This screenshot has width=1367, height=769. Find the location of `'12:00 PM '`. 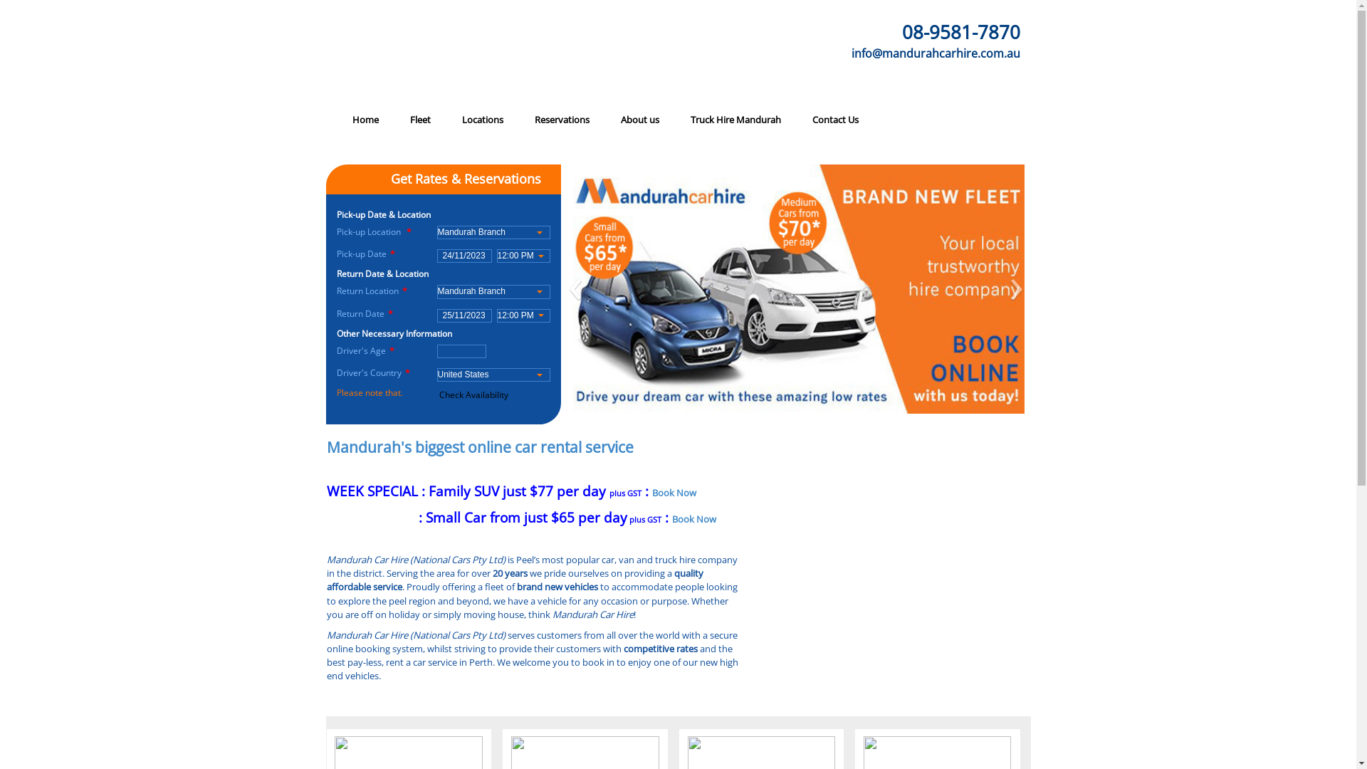

'12:00 PM ' is located at coordinates (522, 315).